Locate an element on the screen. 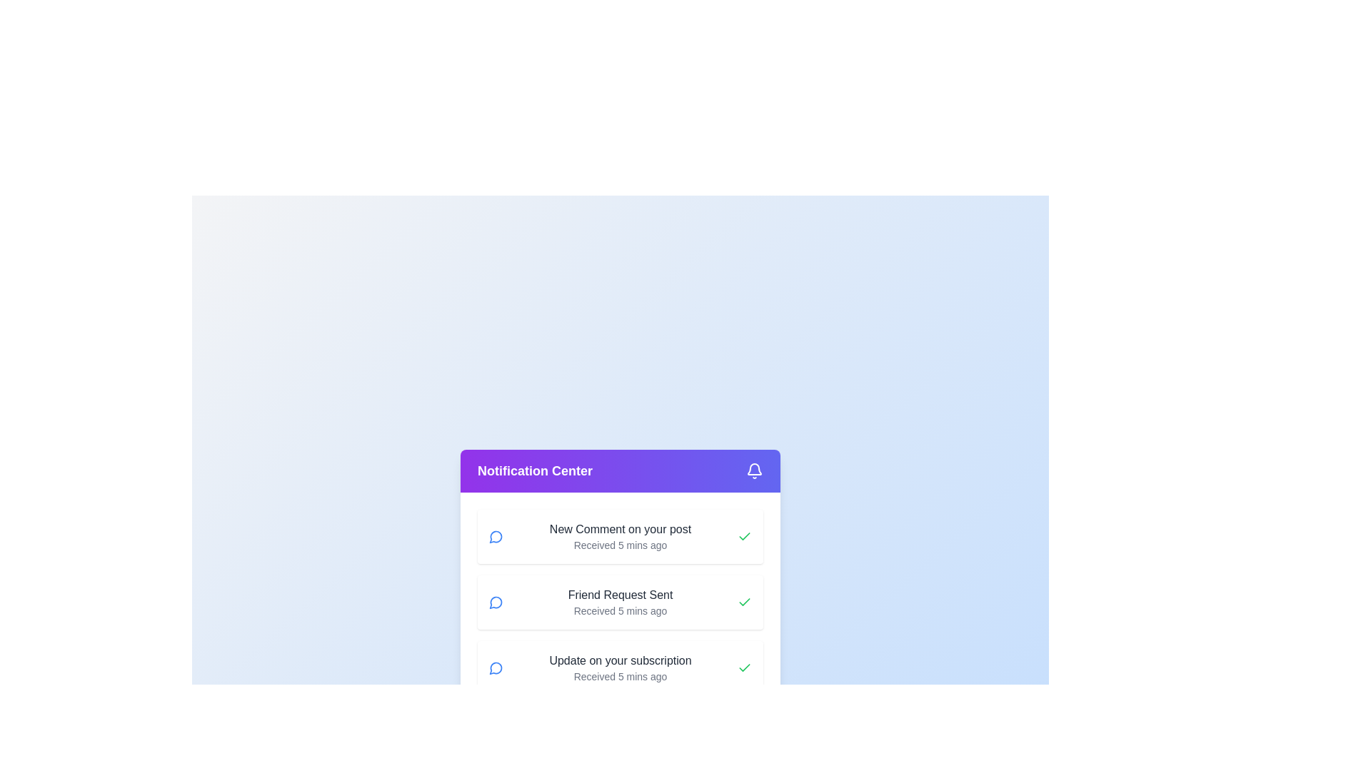  the text label providing a timestamp or contextual information about the notification located below the title 'Update on your subscription' within the notification card is located at coordinates (620, 676).